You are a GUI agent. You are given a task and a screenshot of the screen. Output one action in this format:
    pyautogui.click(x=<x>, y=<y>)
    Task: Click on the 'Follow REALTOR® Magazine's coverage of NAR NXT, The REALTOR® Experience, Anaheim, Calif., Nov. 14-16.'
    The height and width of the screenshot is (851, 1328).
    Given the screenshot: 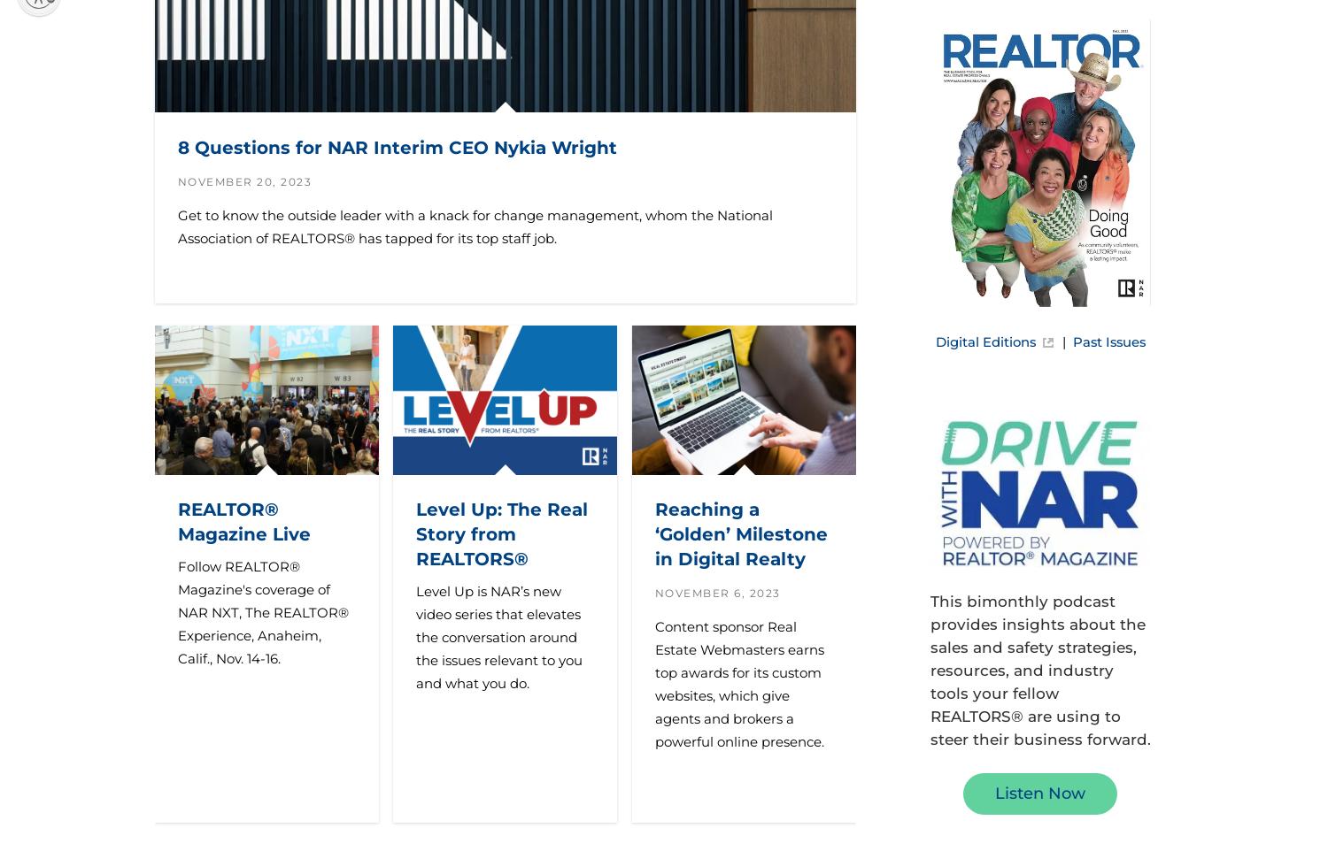 What is the action you would take?
    pyautogui.click(x=262, y=611)
    